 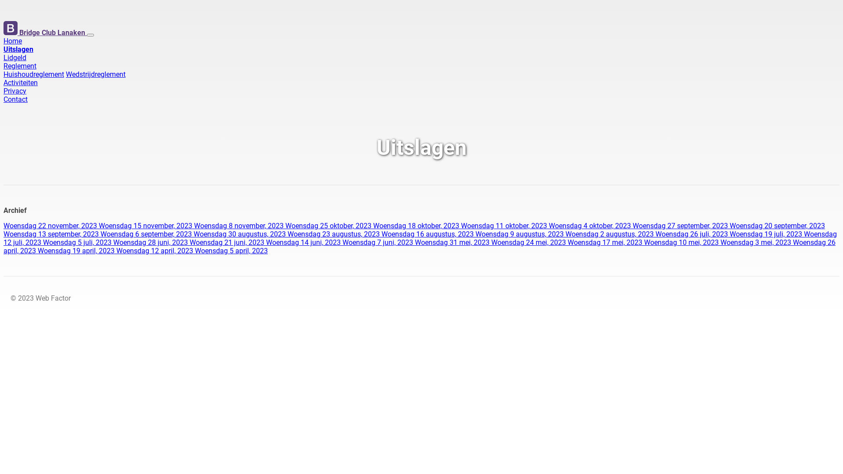 I want to click on 'Woensdag 18 oktober, 2023', so click(x=417, y=225).